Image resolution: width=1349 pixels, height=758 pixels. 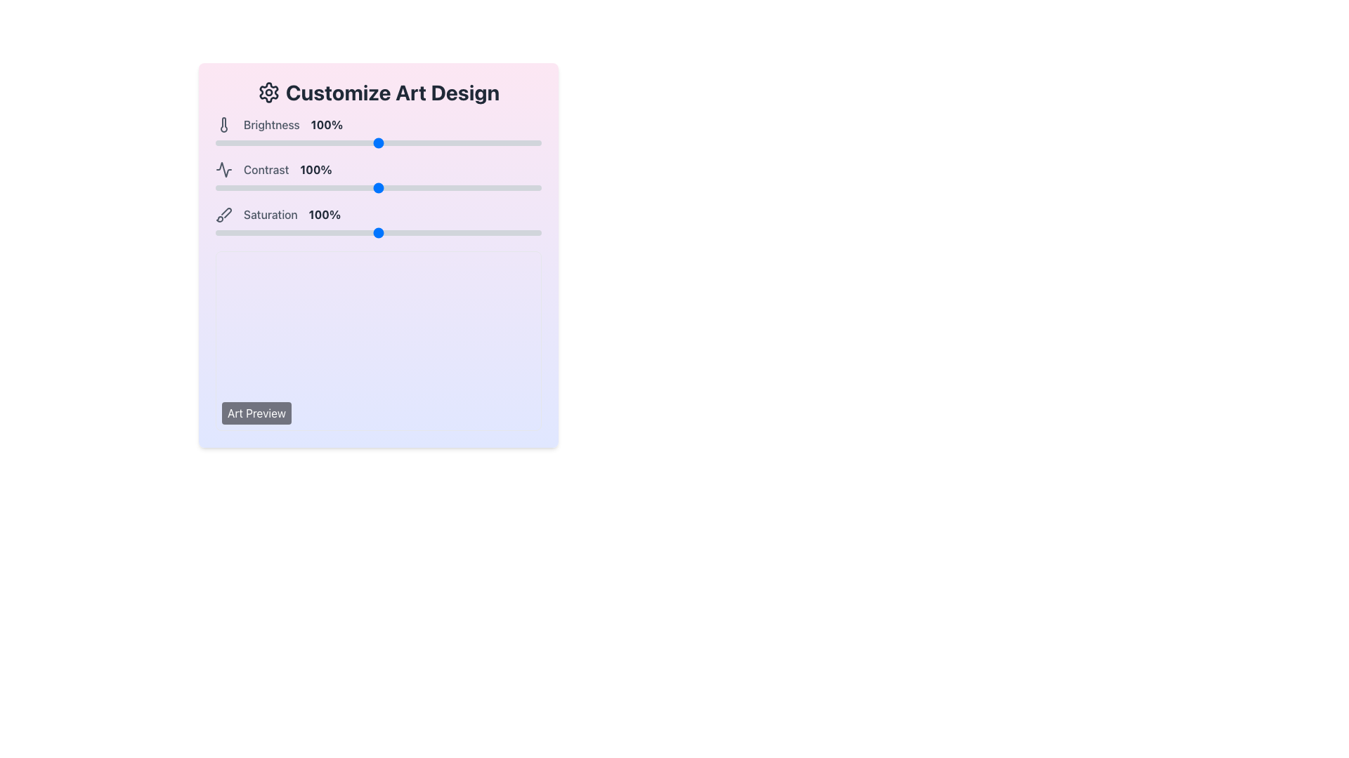 What do you see at coordinates (378, 341) in the screenshot?
I see `the Preview Area, which is a rectangular section with a rounded border located at the bottom of the 'Customize Art Design' panel, displaying a background image and labeled 'Art Preview'` at bounding box center [378, 341].